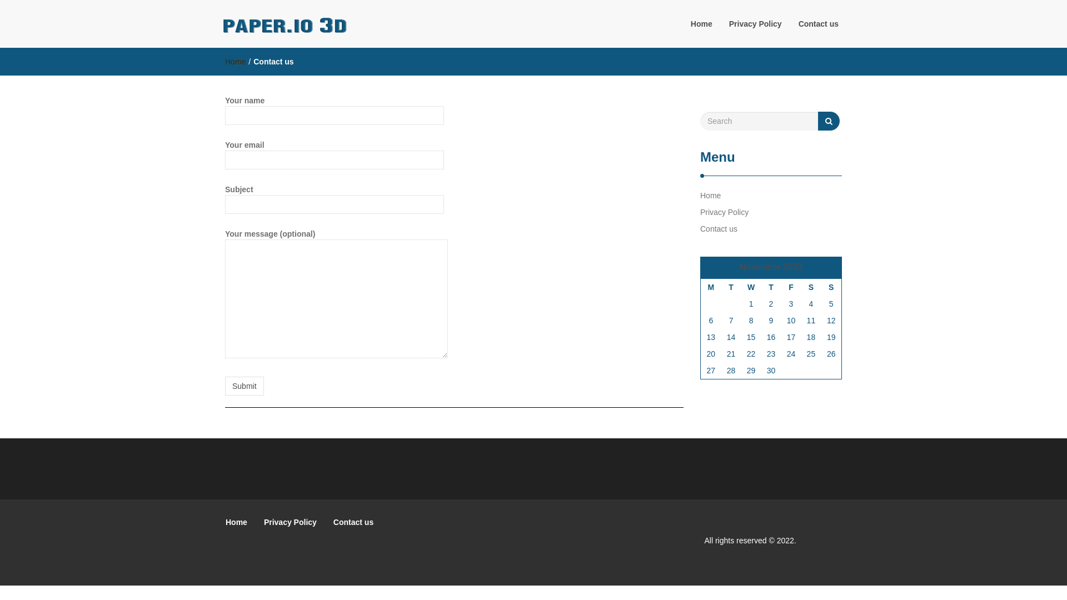 This screenshot has width=1067, height=600. I want to click on 'Submit', so click(244, 385).